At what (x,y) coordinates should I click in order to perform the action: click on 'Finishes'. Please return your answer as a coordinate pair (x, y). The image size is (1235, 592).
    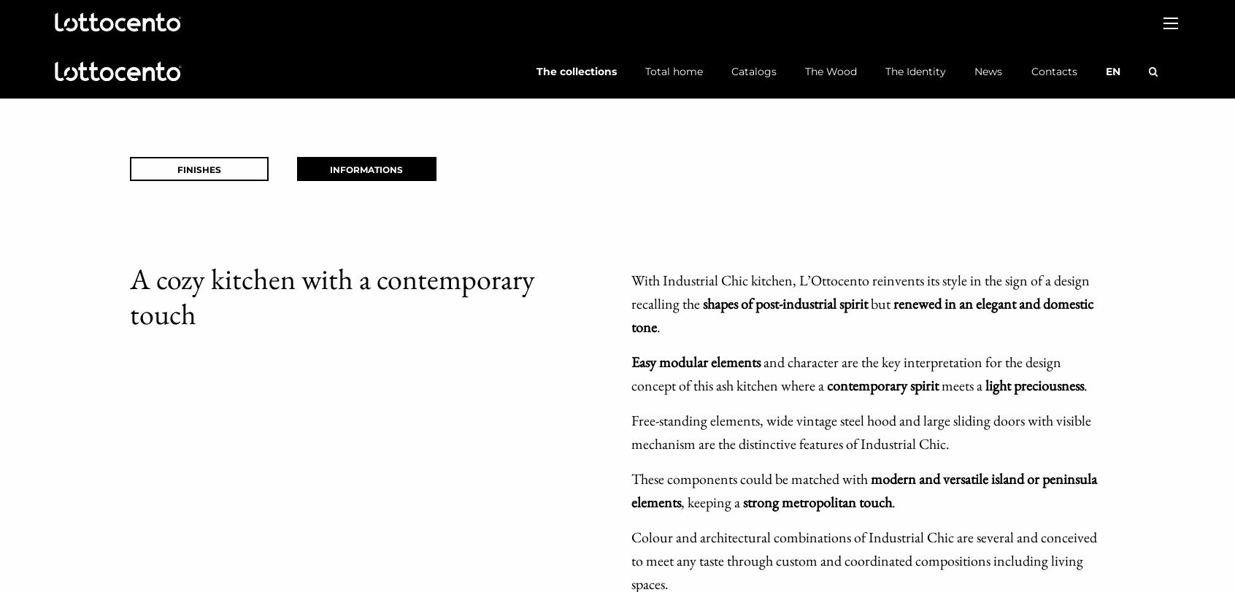
    Looking at the image, I should click on (199, 169).